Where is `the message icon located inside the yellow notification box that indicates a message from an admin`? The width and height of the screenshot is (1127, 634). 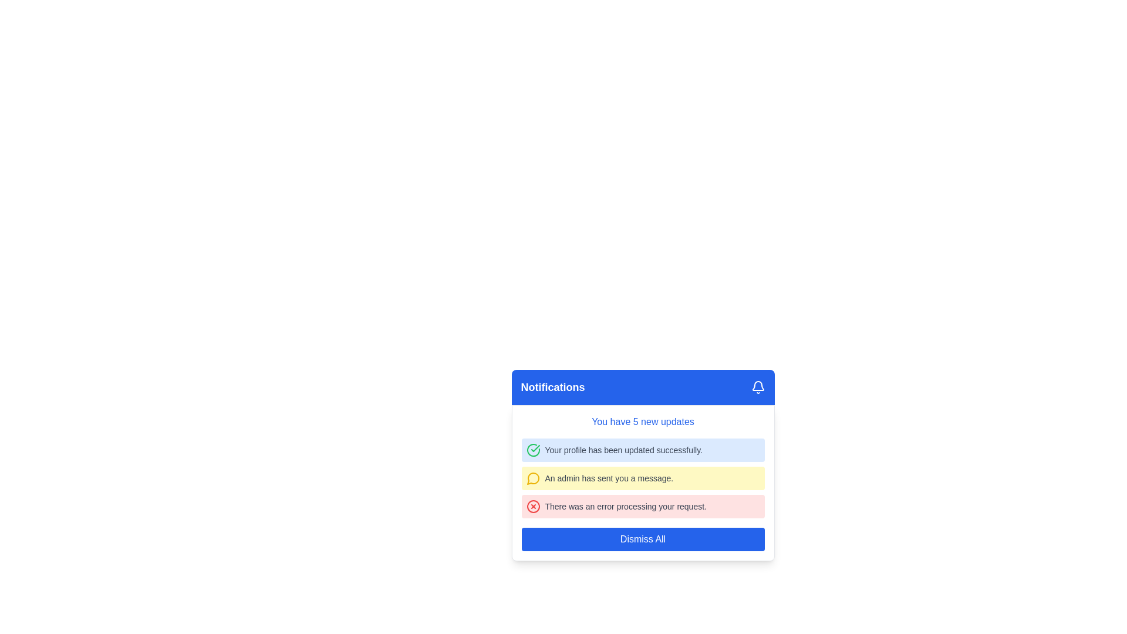 the message icon located inside the yellow notification box that indicates a message from an admin is located at coordinates (532, 478).